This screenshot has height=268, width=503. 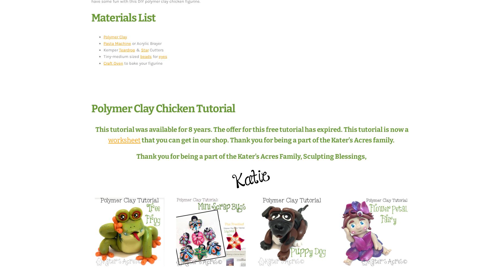 What do you see at coordinates (251, 129) in the screenshot?
I see `'This tutorial was available for 8 years. The offer for this free tutorial has expired. This tutorial is now a'` at bounding box center [251, 129].